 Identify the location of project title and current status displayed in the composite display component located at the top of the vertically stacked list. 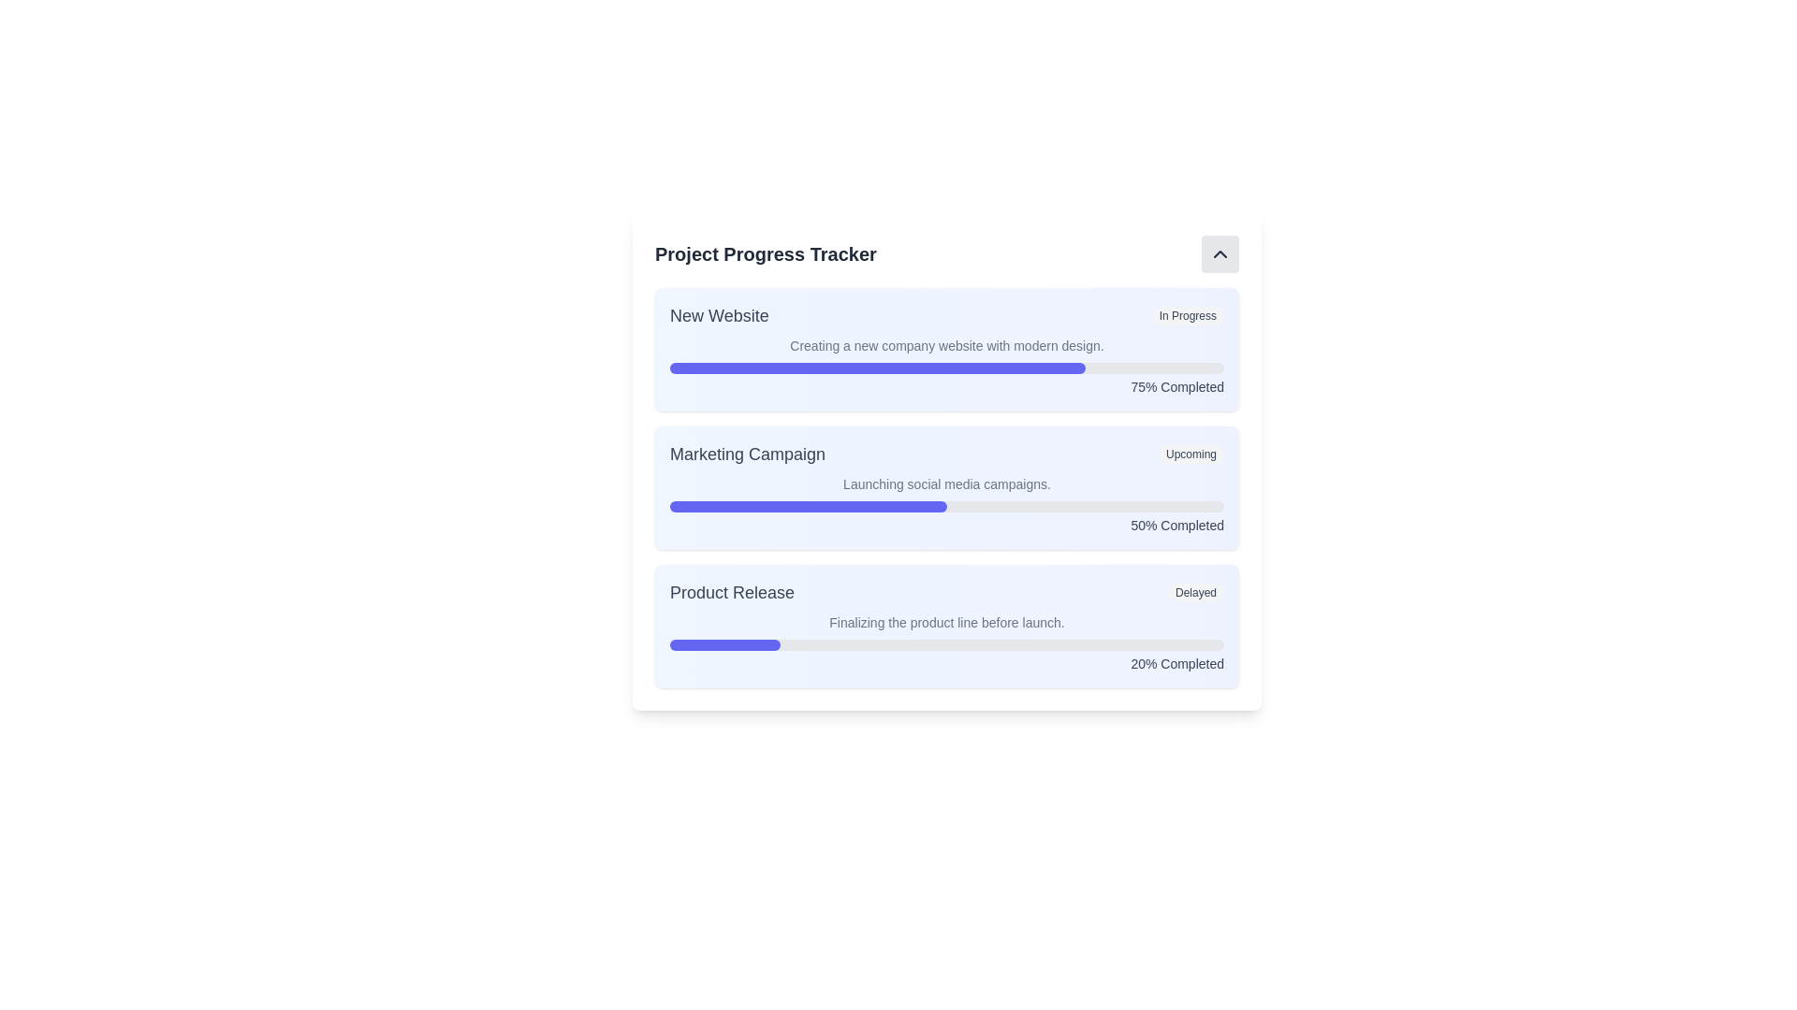
(947, 315).